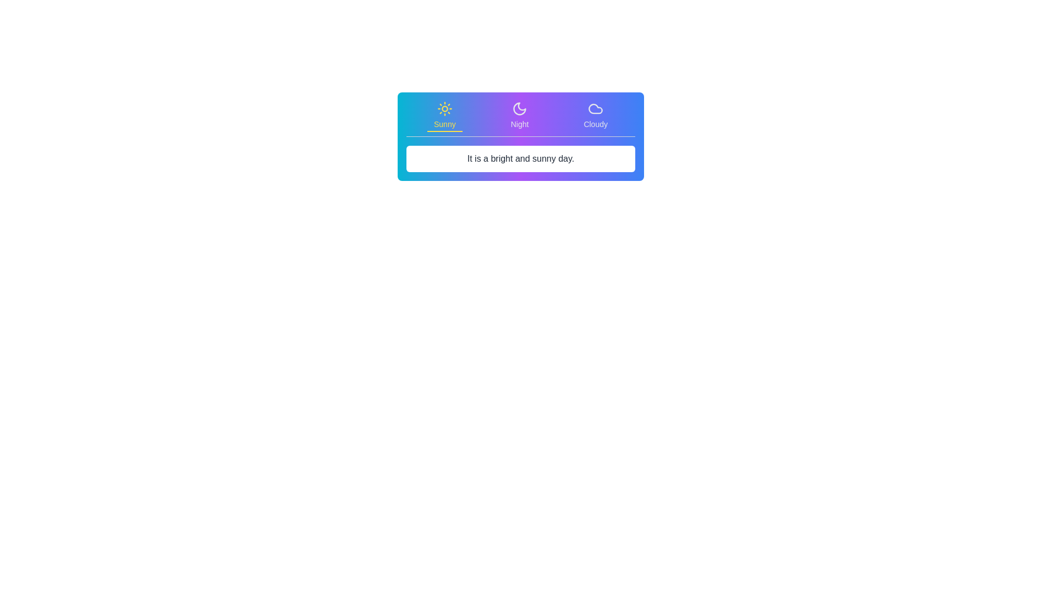 The width and height of the screenshot is (1056, 594). What do you see at coordinates (595, 124) in the screenshot?
I see `the text label indicating the weather condition 'Cloudy', which is the third option in a horizontal row of weather selections` at bounding box center [595, 124].